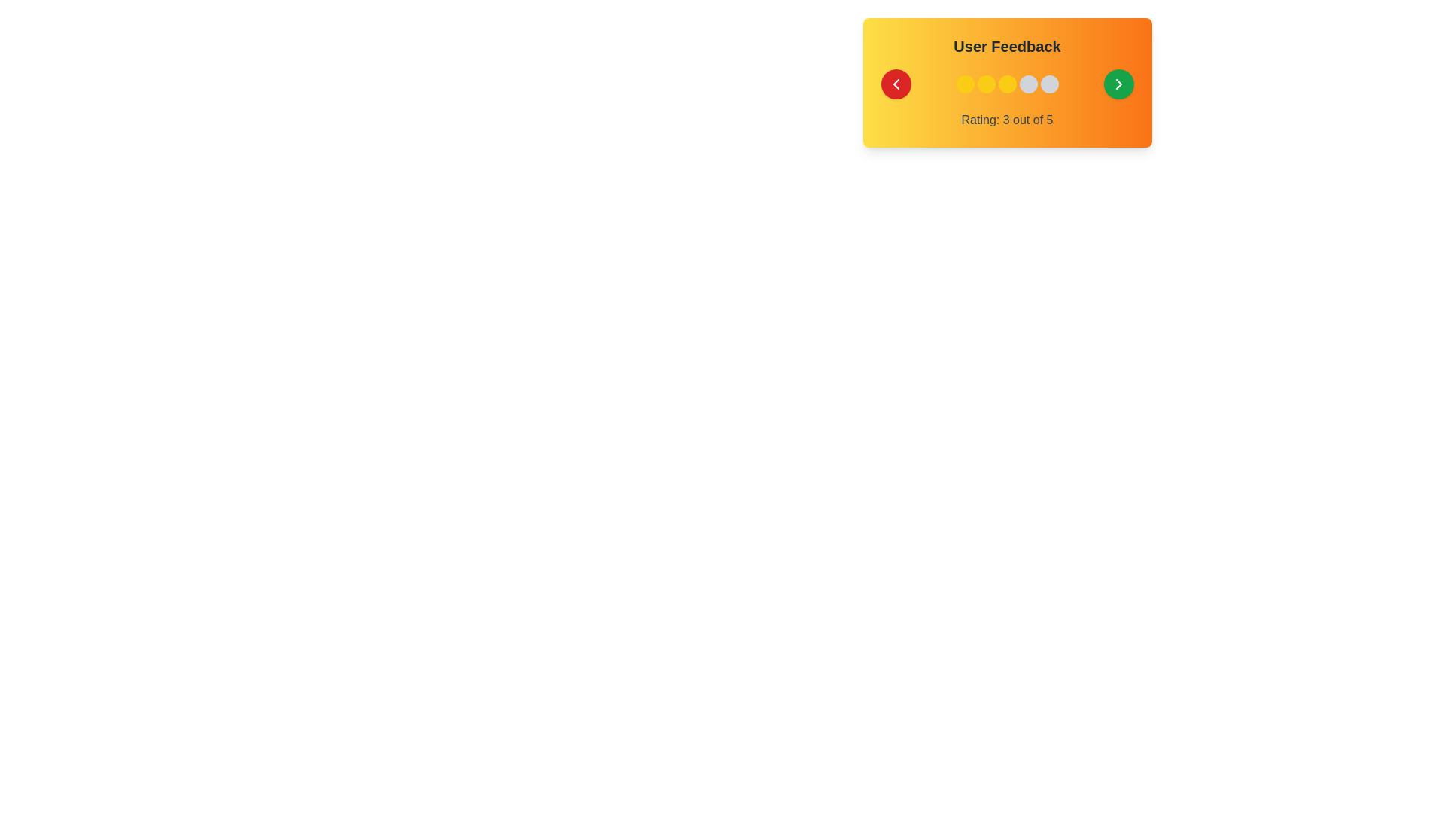 This screenshot has height=813, width=1445. Describe the element at coordinates (896, 84) in the screenshot. I see `the left-pointing chevron icon button within the red circular button` at that location.